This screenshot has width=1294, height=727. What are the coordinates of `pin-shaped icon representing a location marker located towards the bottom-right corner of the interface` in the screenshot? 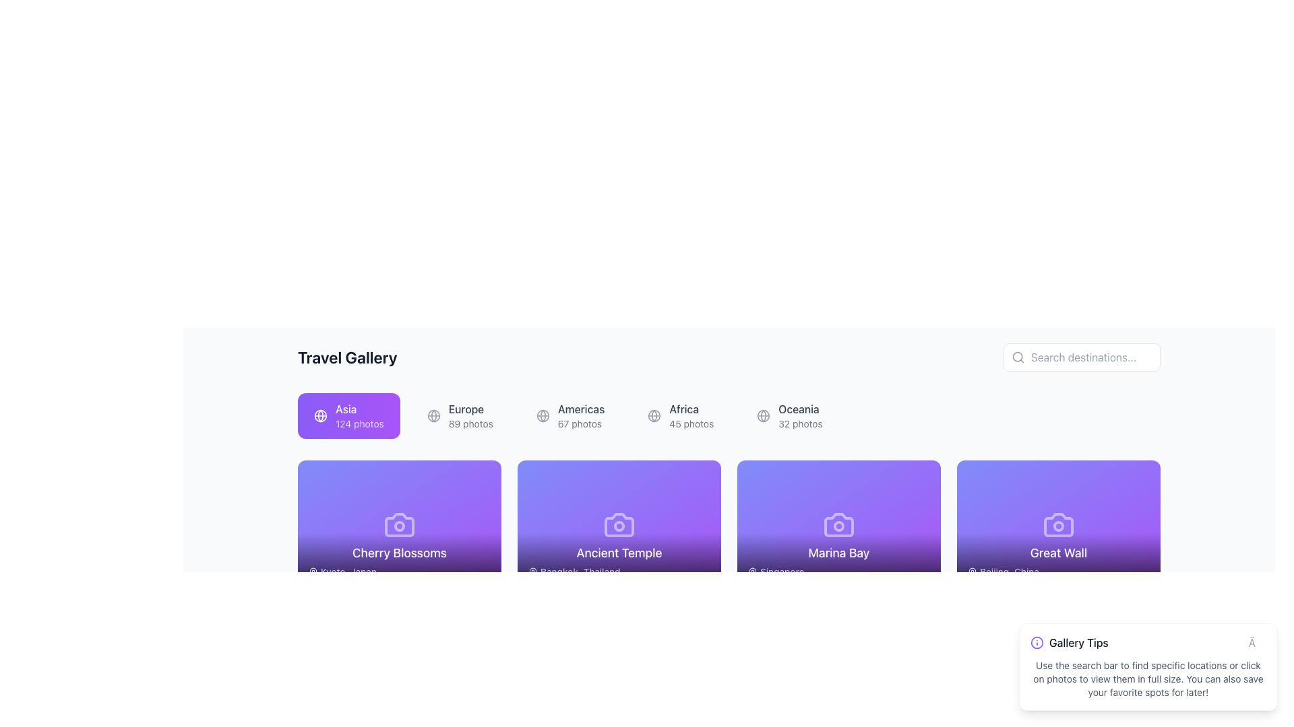 It's located at (313, 716).